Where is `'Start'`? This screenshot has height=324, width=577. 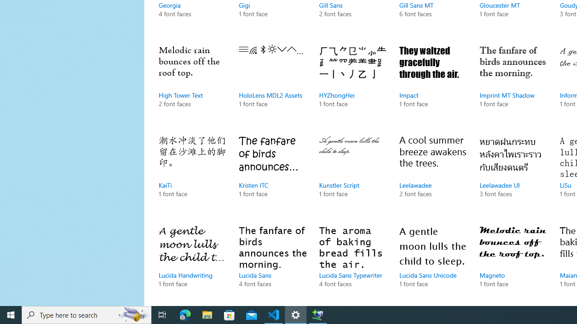
'Start' is located at coordinates (11, 314).